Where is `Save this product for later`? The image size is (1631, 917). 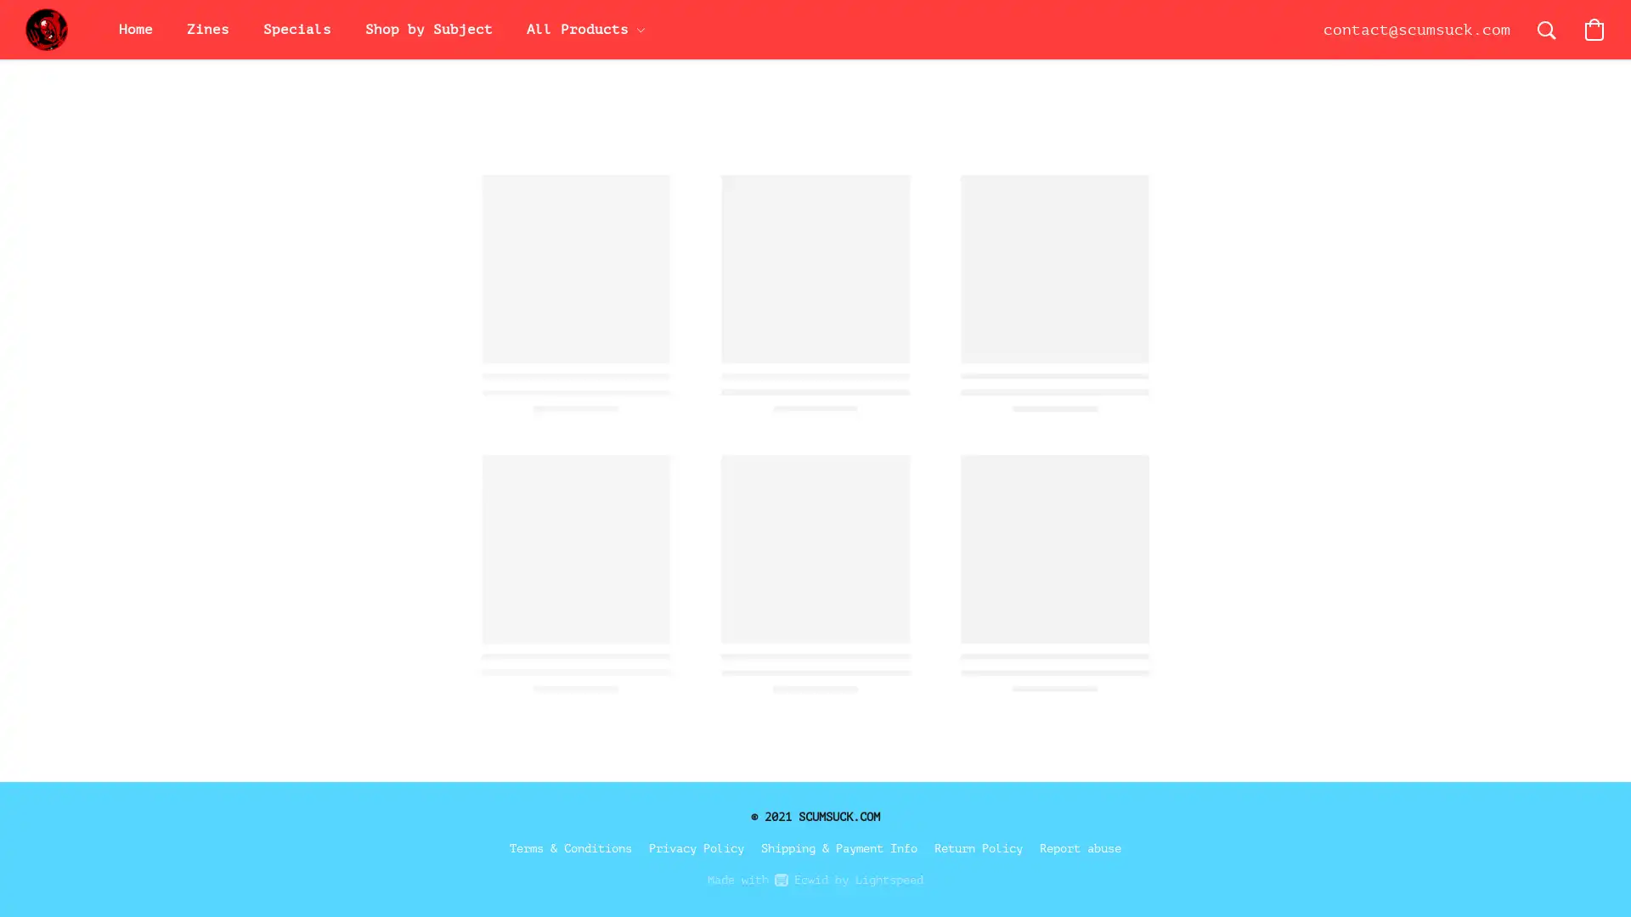
Save this product for later is located at coordinates (1053, 729).